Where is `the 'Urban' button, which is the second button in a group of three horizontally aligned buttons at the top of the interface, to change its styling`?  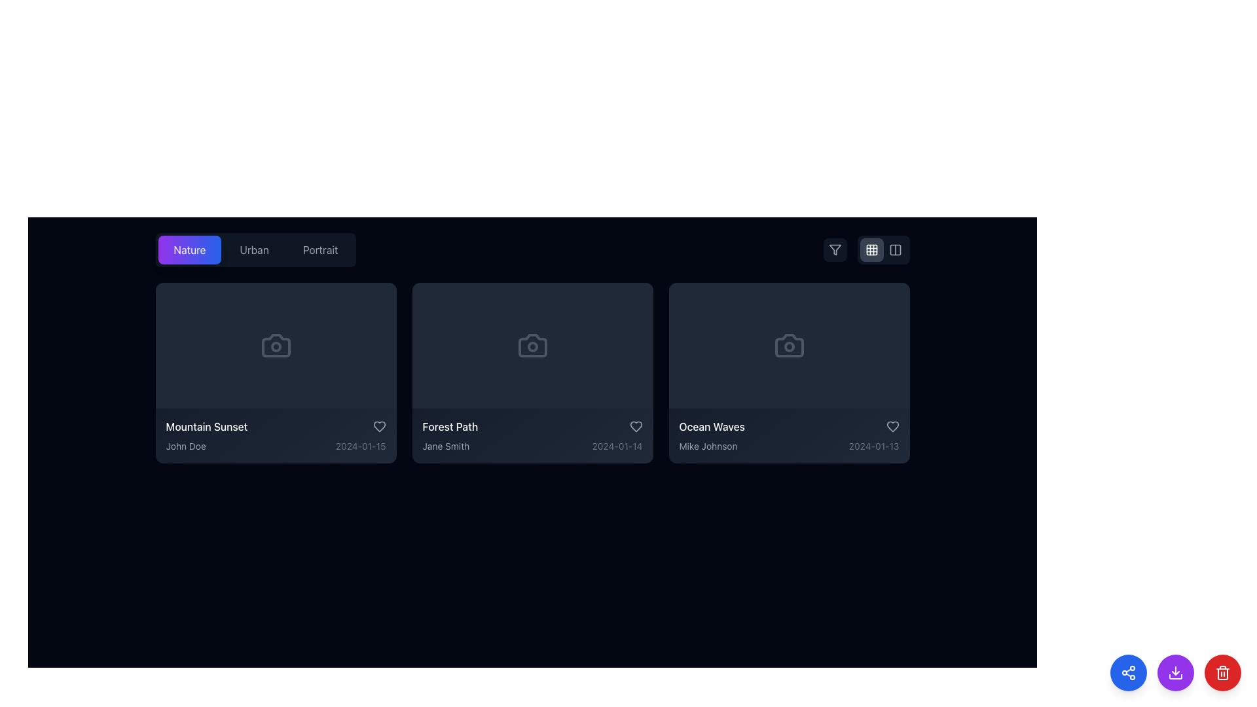
the 'Urban' button, which is the second button in a group of three horizontally aligned buttons at the top of the interface, to change its styling is located at coordinates (254, 249).